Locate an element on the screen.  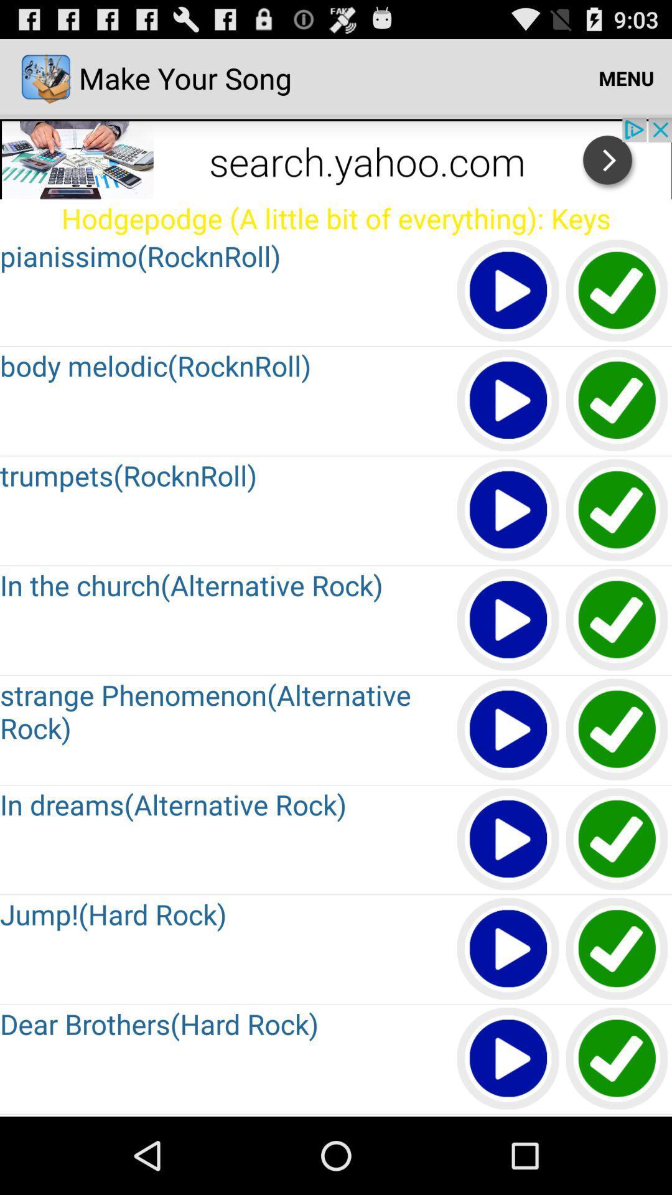
audio or video is located at coordinates (508, 1115).